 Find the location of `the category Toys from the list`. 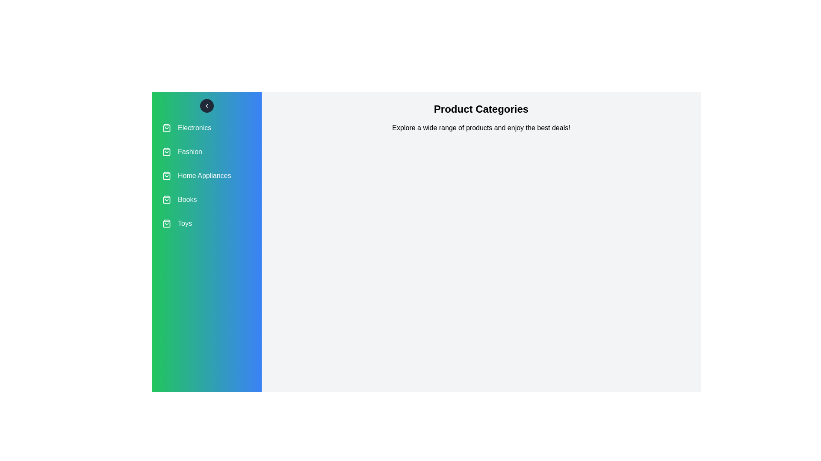

the category Toys from the list is located at coordinates (207, 223).